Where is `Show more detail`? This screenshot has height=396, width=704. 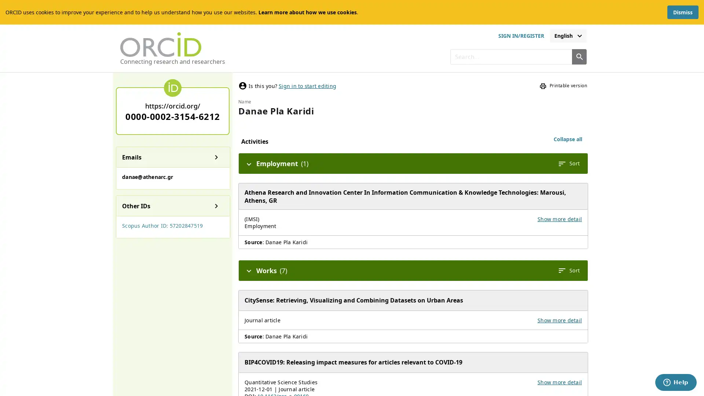
Show more detail is located at coordinates (559, 218).